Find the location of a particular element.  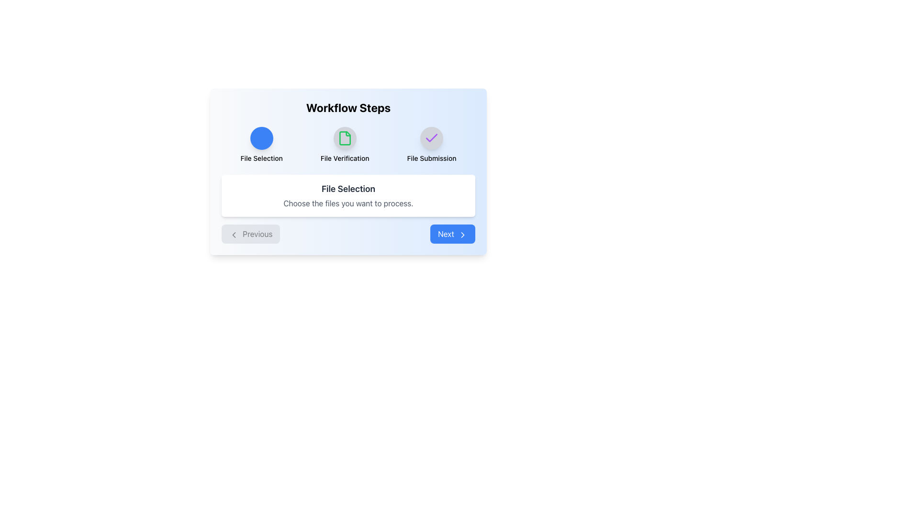

the 'File Verification' icon to advance to the verification step in the workflow process is located at coordinates (345, 138).